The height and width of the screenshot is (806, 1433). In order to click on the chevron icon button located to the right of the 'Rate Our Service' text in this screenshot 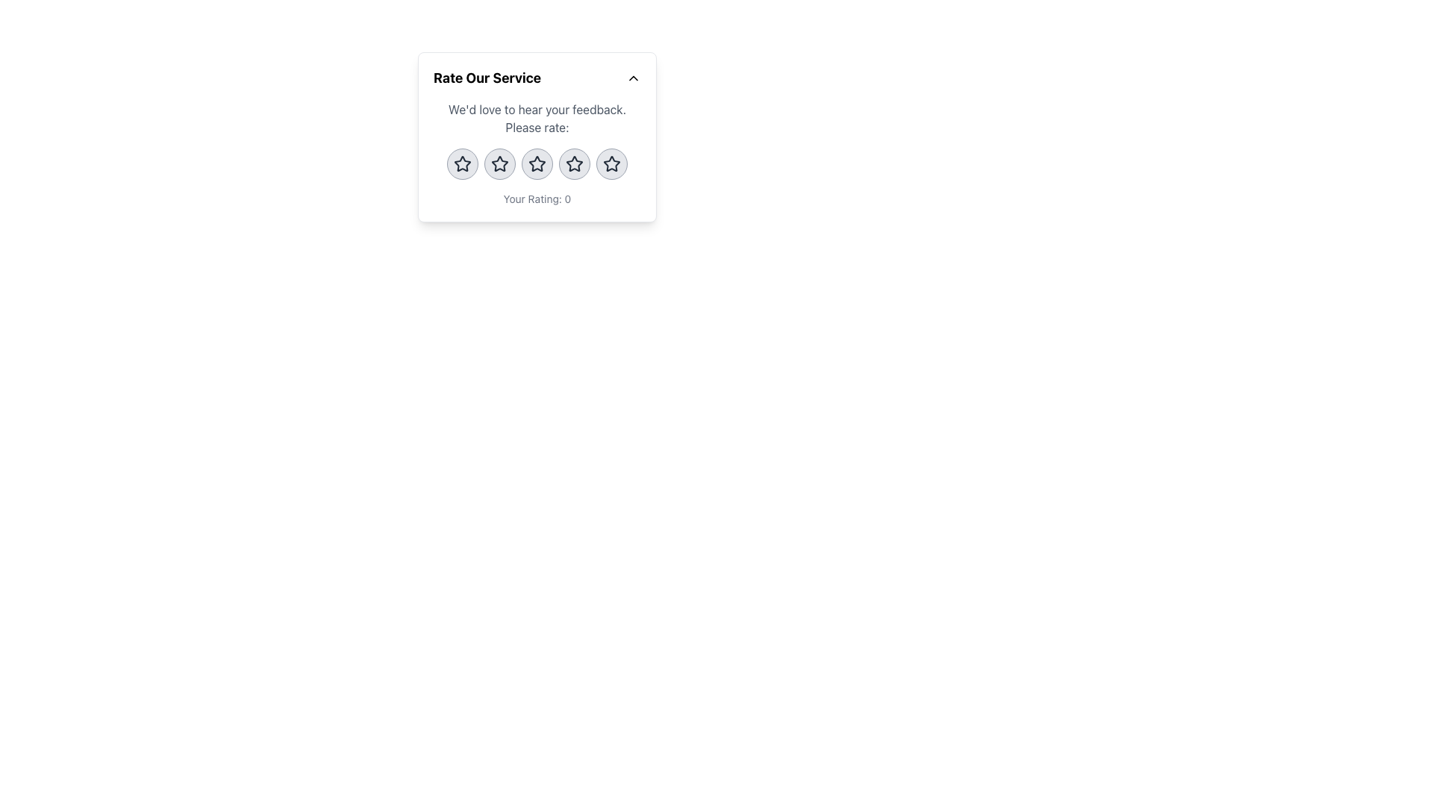, I will do `click(634, 78)`.